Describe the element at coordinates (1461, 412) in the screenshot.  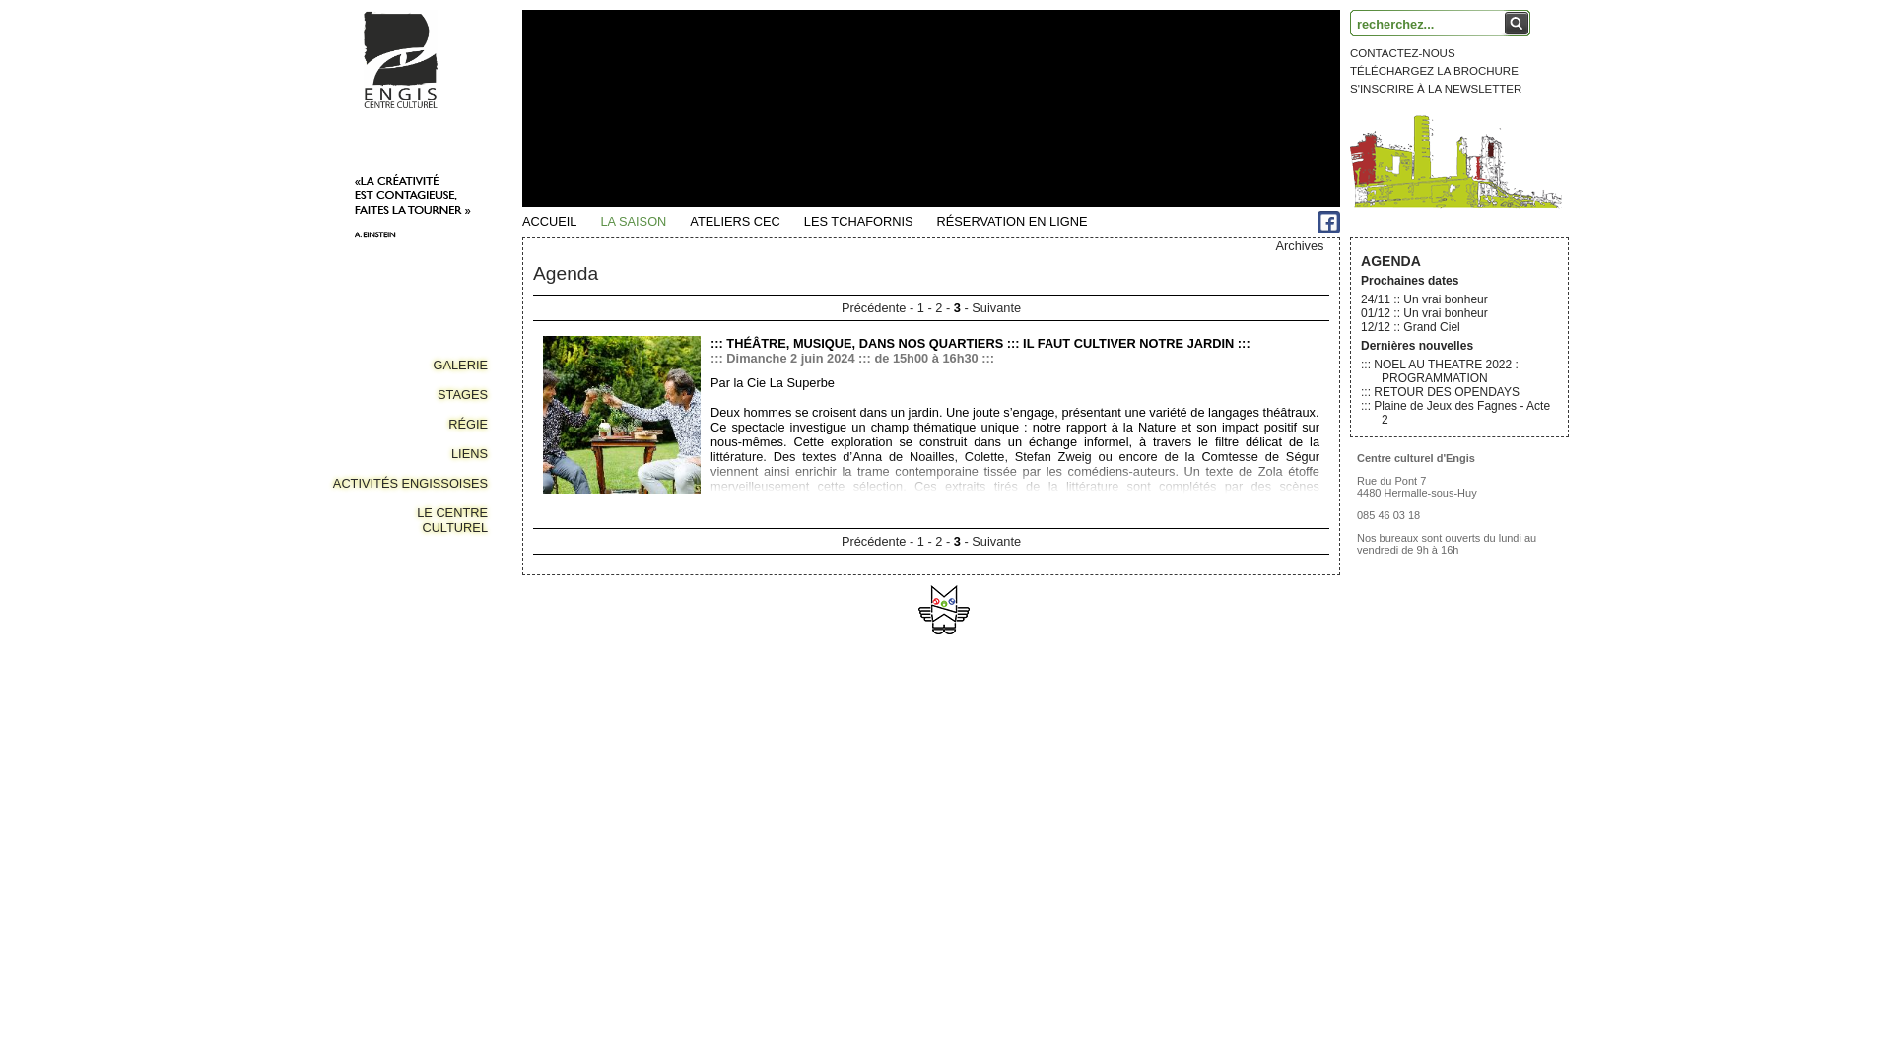
I see `'Plaine de Jeux des Fagnes - Acte 2'` at that location.